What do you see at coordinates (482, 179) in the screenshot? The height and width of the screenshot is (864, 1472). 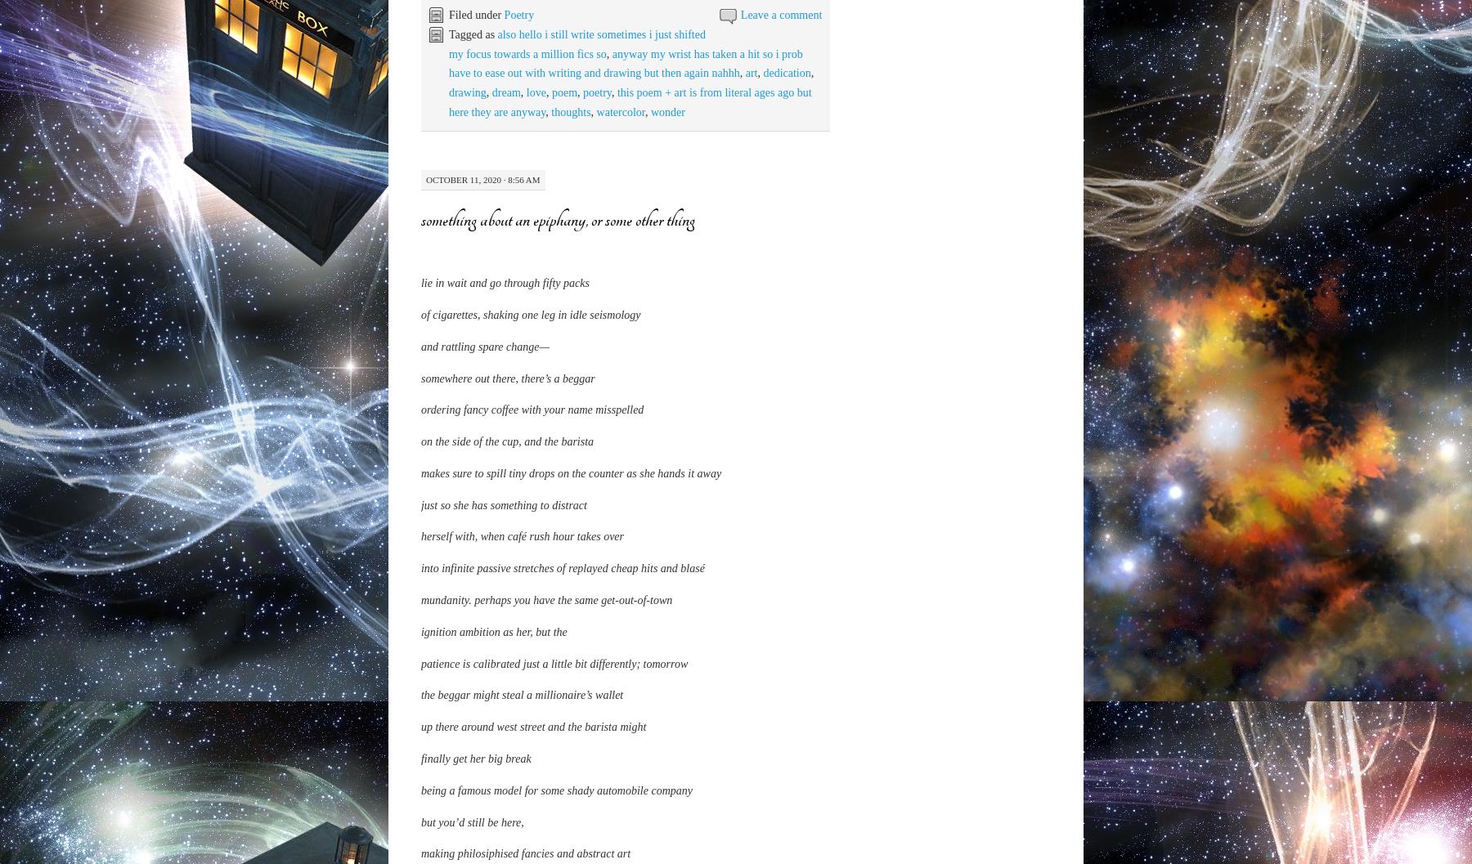 I see `'October 11, 2020 · 8:56 am'` at bounding box center [482, 179].